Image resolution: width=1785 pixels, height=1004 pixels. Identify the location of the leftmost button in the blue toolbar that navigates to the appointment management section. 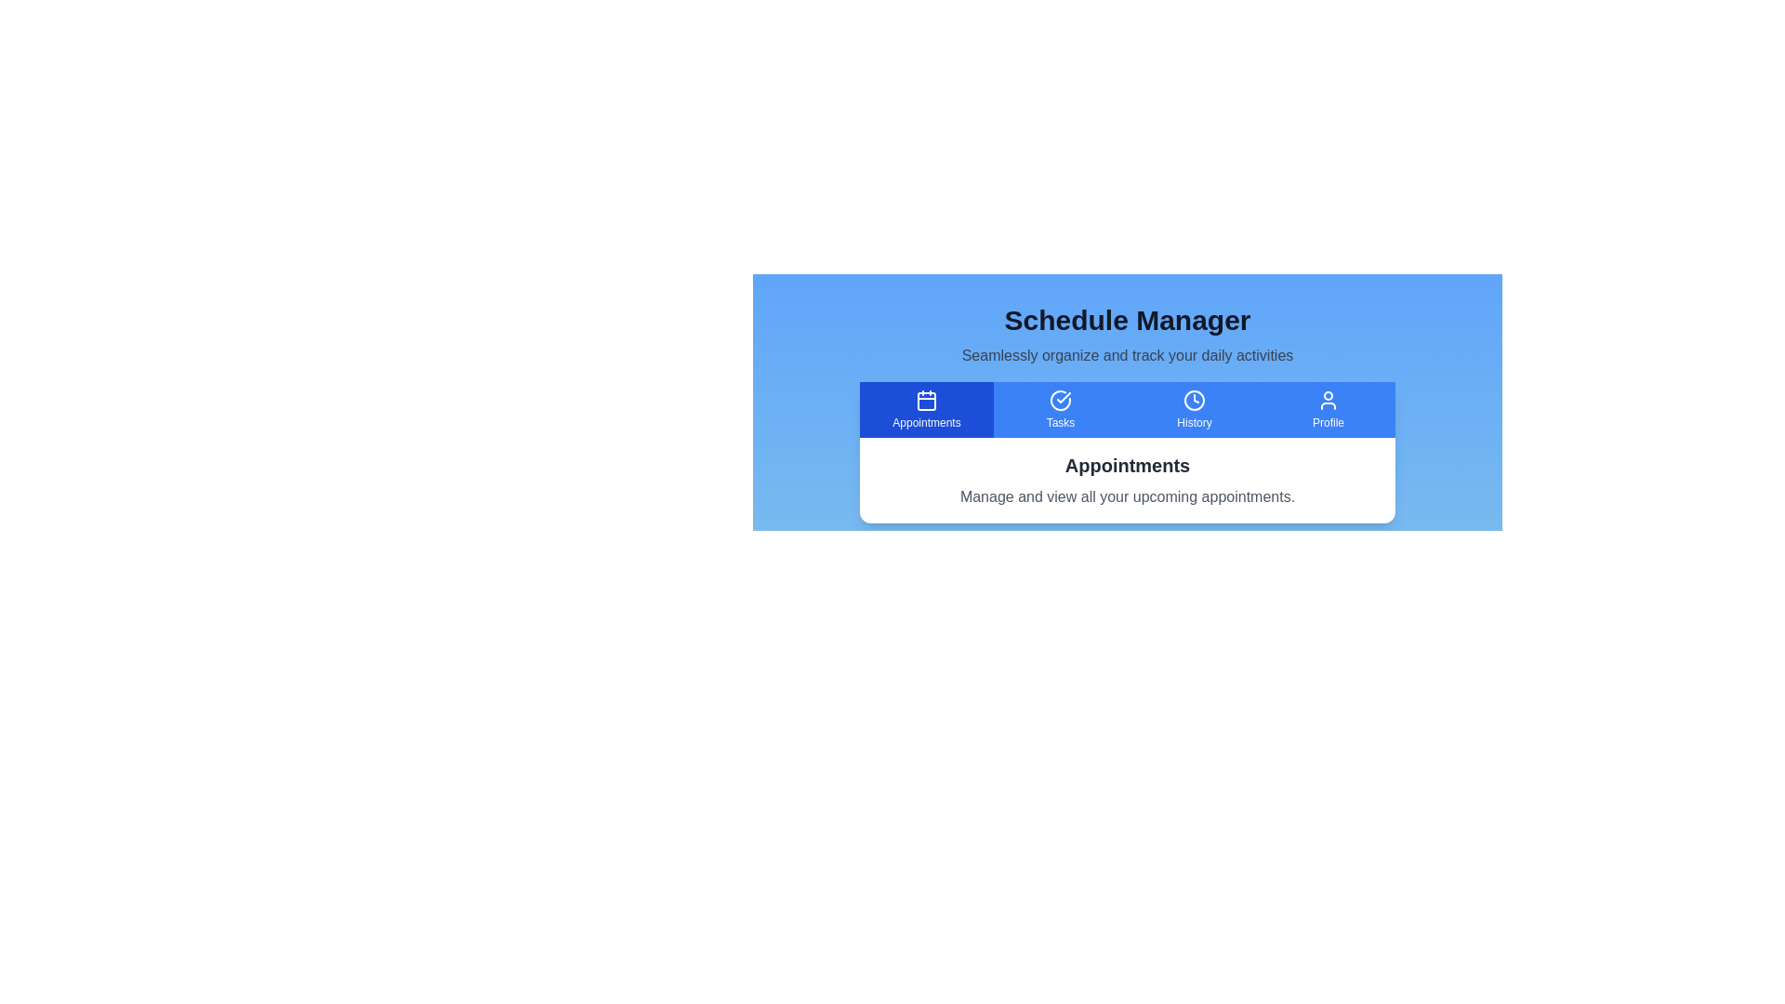
(927, 408).